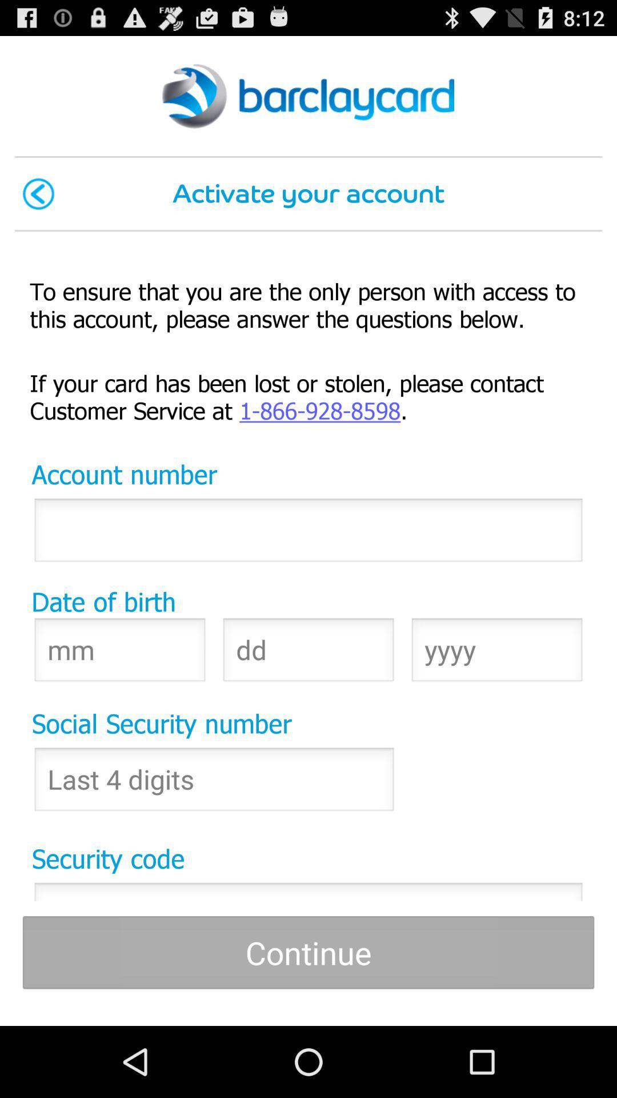 The image size is (617, 1098). What do you see at coordinates (38, 194) in the screenshot?
I see `icon next to activate your account` at bounding box center [38, 194].